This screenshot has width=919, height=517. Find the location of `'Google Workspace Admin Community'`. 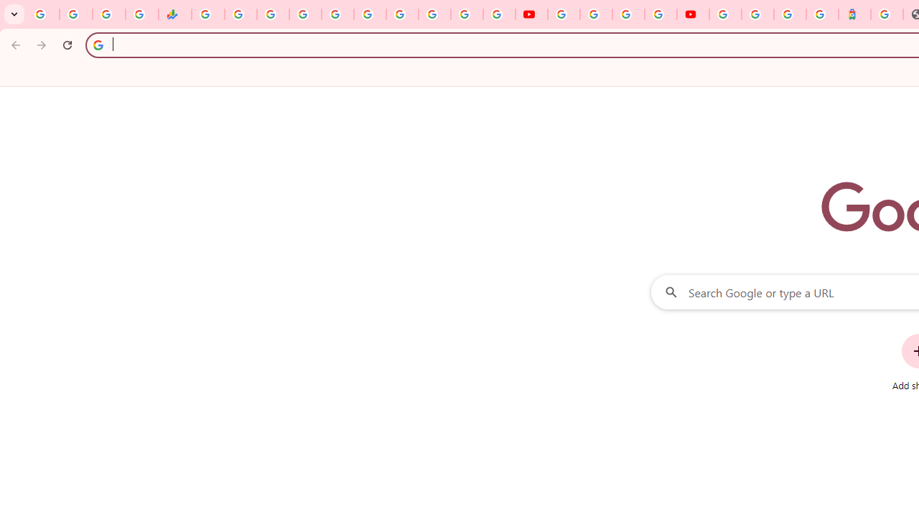

'Google Workspace Admin Community' is located at coordinates (43, 14).